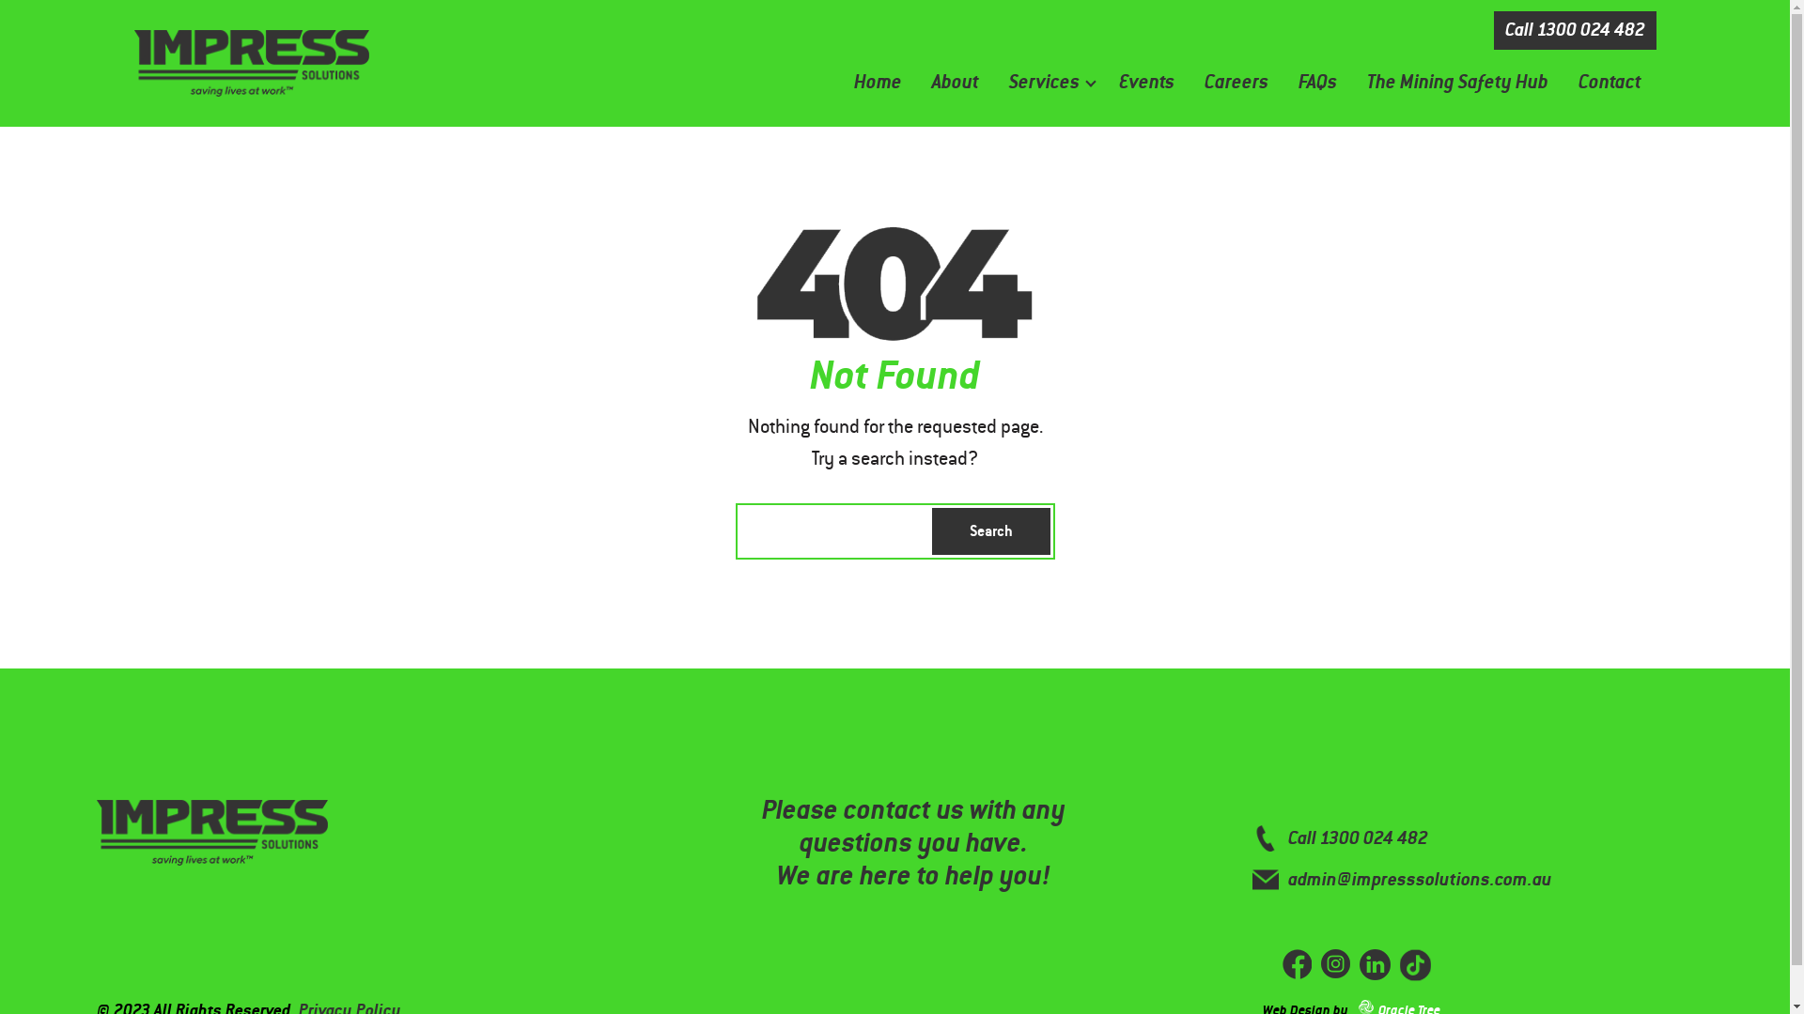 Image resolution: width=1804 pixels, height=1014 pixels. I want to click on 'Events', so click(1144, 81).